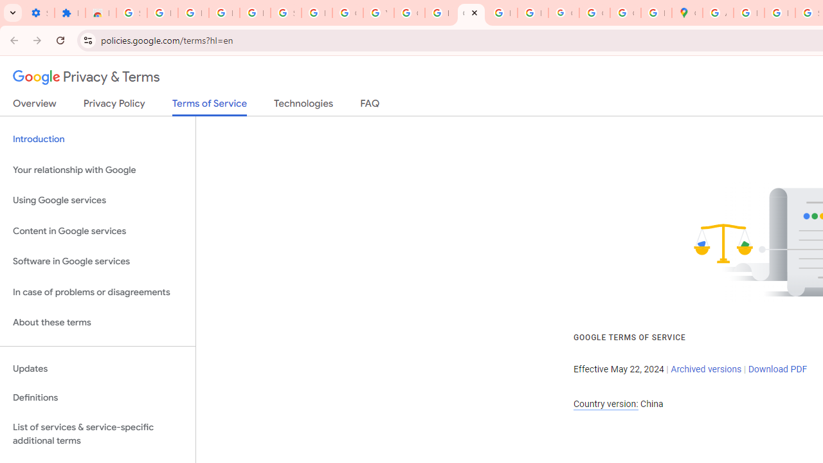  What do you see at coordinates (39, 13) in the screenshot?
I see `'Settings - On startup'` at bounding box center [39, 13].